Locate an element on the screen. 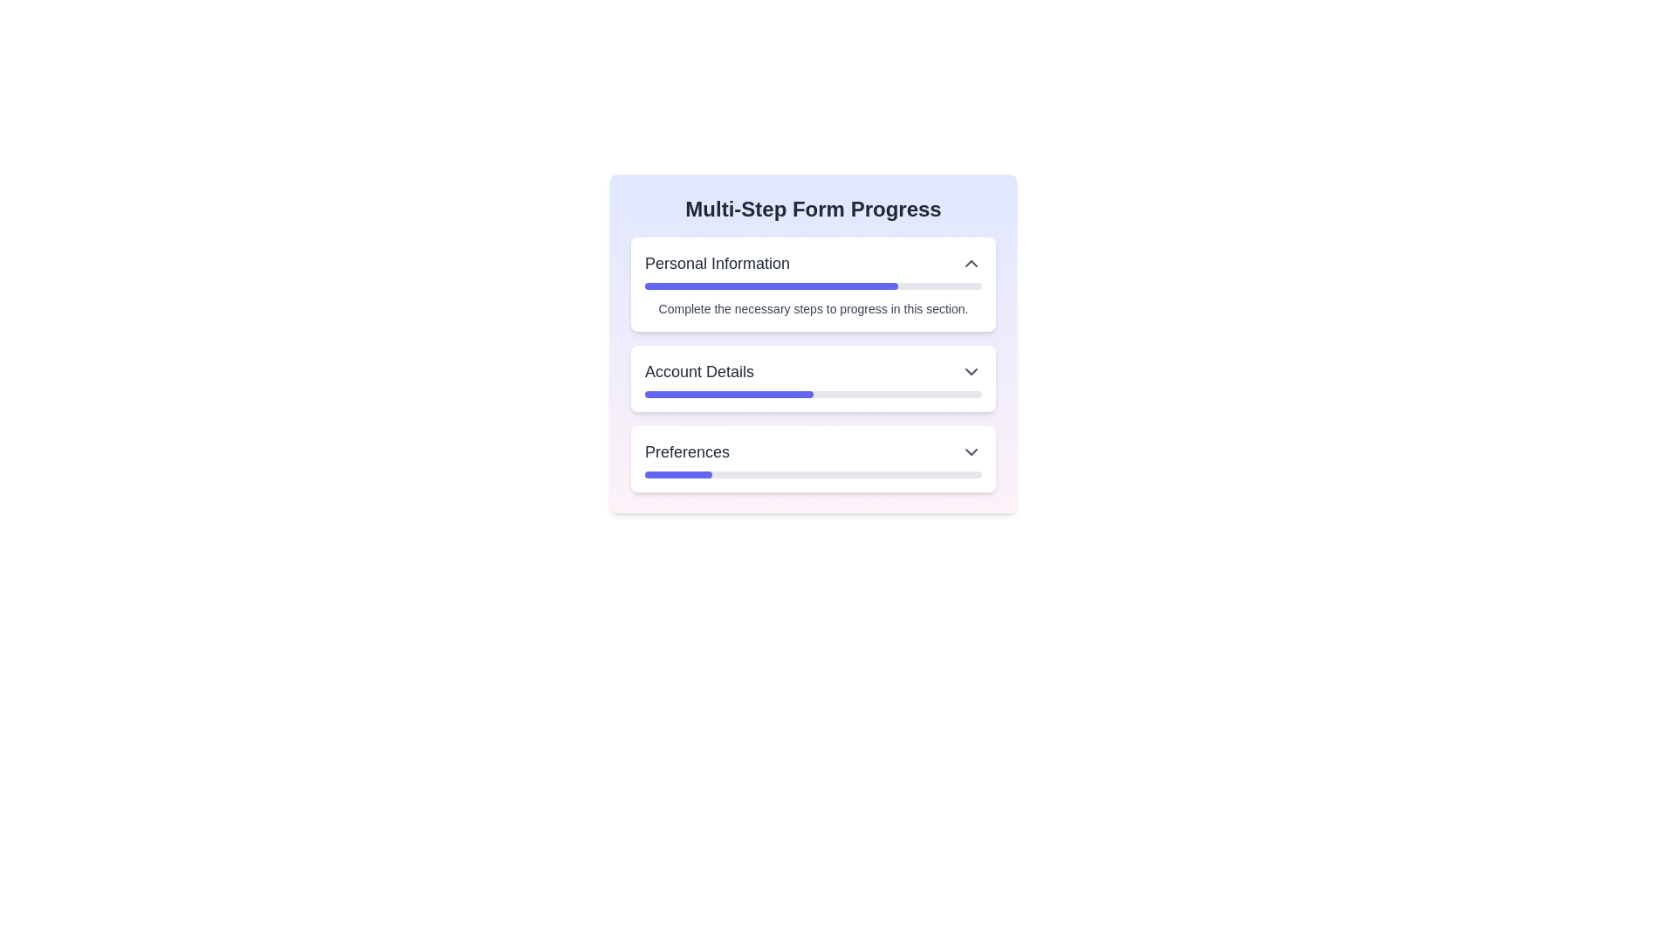 This screenshot has height=943, width=1676. supplementary text within the 'Personal Information' card, which provides instructions to complete necessary steps is located at coordinates (812, 284).